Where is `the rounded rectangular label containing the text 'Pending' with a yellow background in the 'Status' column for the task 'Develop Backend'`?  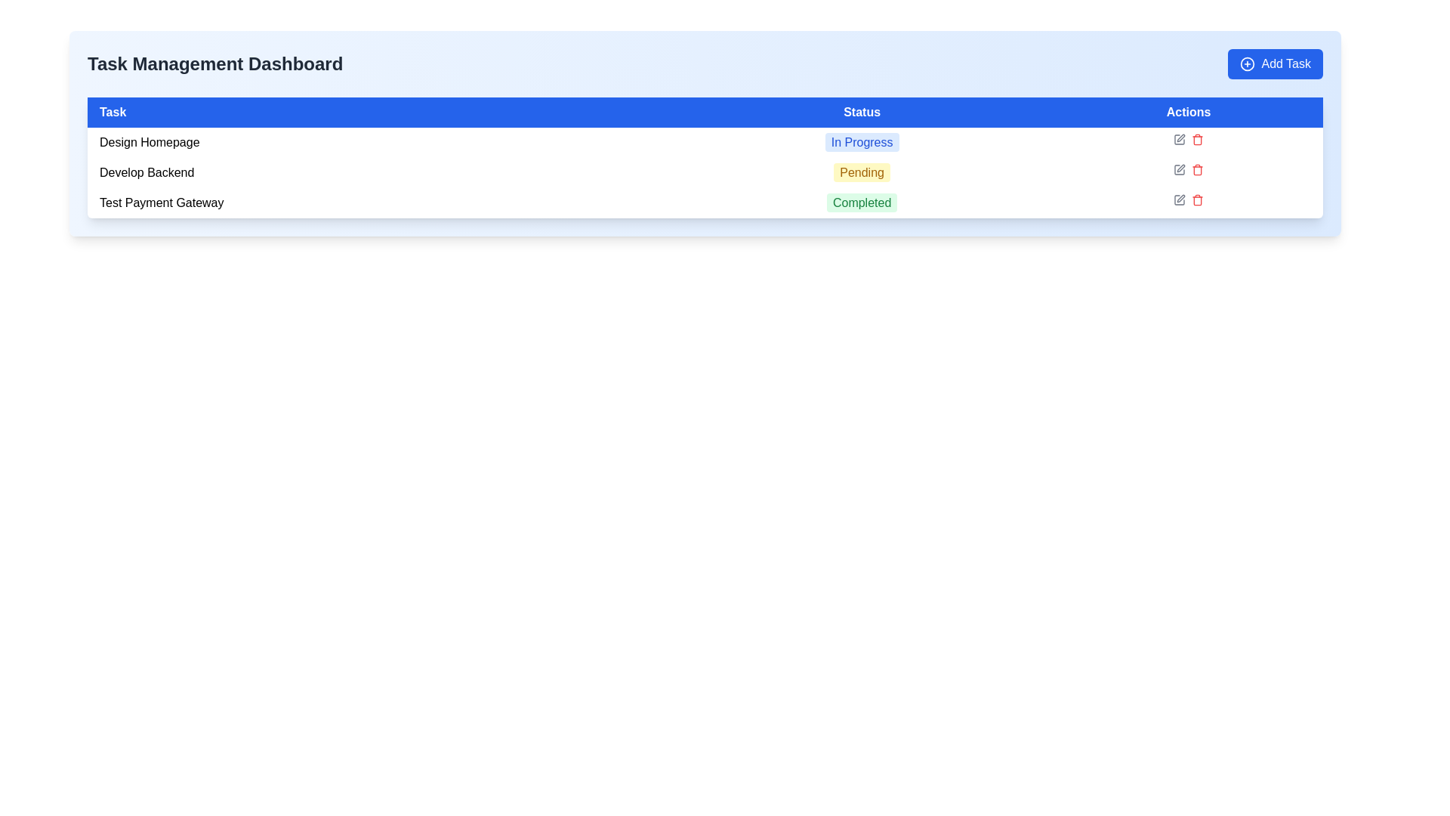 the rounded rectangular label containing the text 'Pending' with a yellow background in the 'Status' column for the task 'Develop Backend' is located at coordinates (862, 172).